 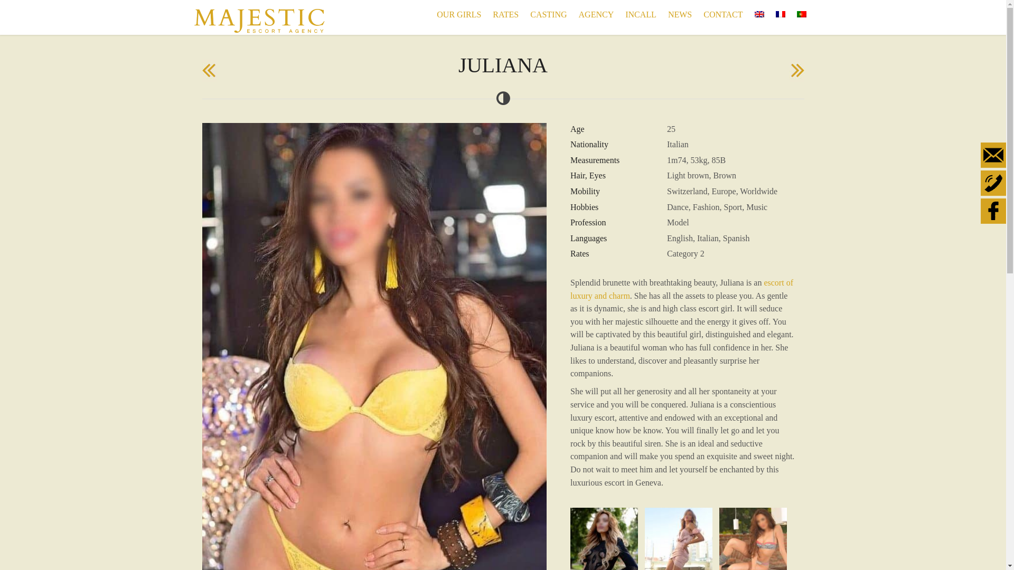 What do you see at coordinates (993, 211) in the screenshot?
I see `'Facebook'` at bounding box center [993, 211].